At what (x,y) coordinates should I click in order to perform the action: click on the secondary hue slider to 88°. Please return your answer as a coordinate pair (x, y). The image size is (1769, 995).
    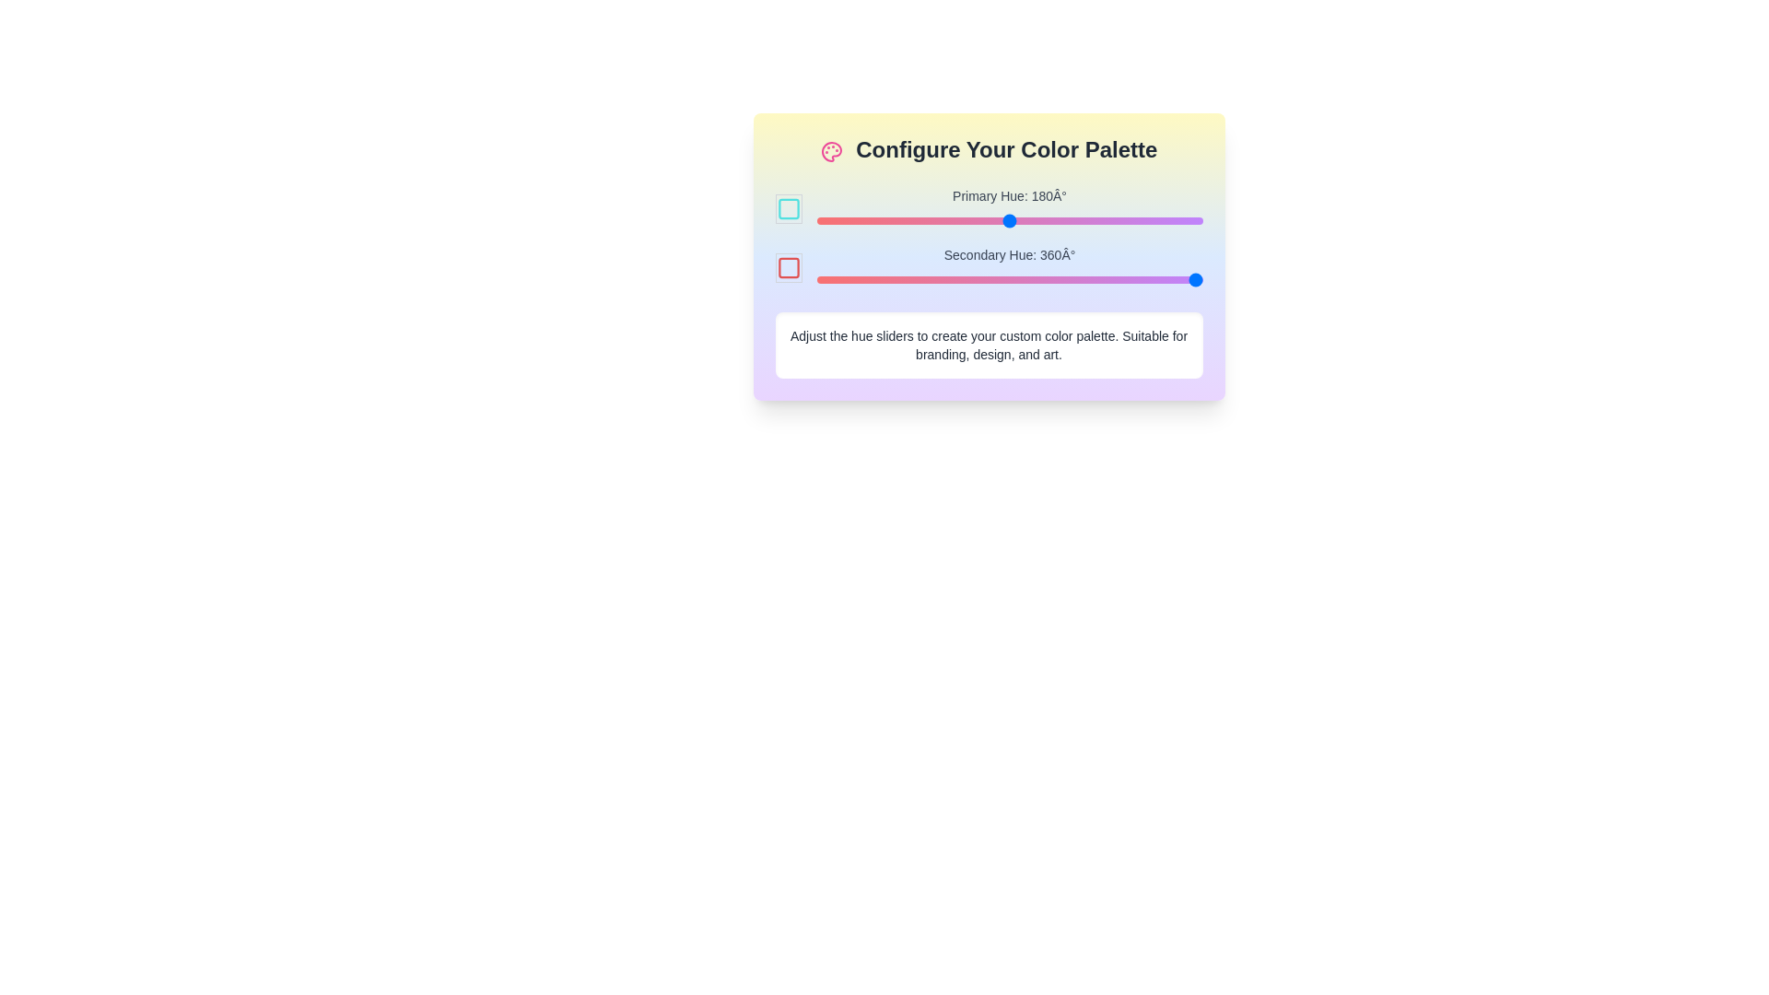
    Looking at the image, I should click on (910, 280).